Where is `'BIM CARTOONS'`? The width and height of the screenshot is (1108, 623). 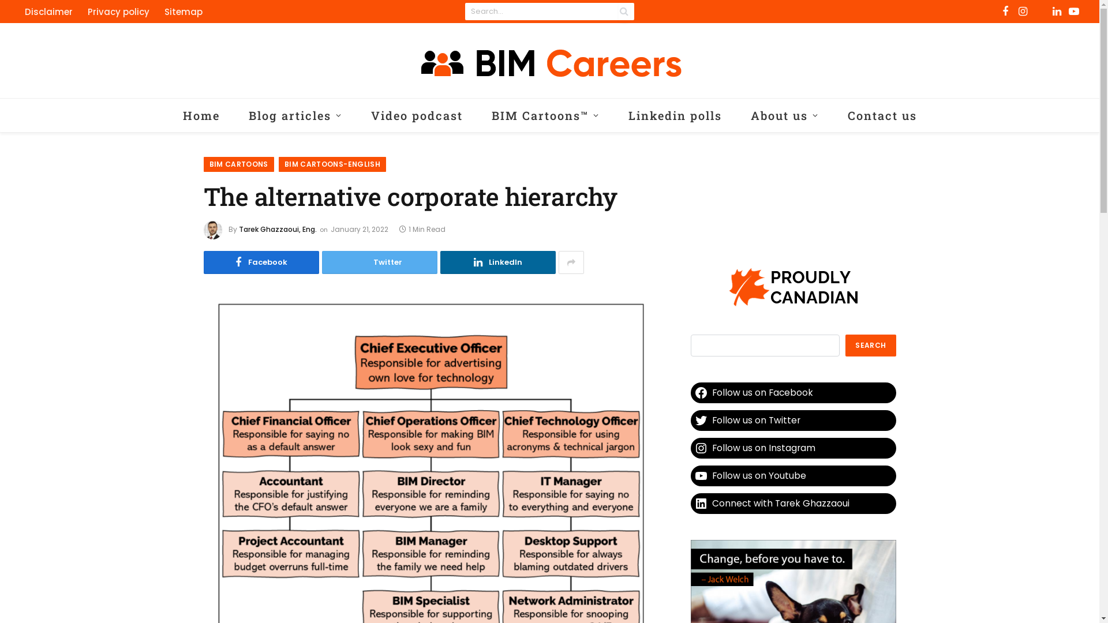
'BIM CARTOONS' is located at coordinates (237, 164).